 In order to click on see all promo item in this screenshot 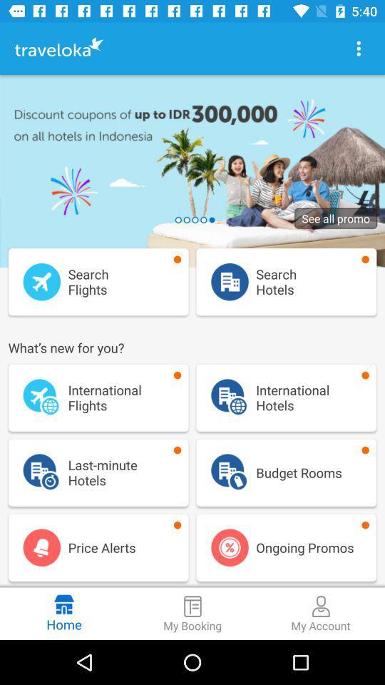, I will do `click(336, 218)`.